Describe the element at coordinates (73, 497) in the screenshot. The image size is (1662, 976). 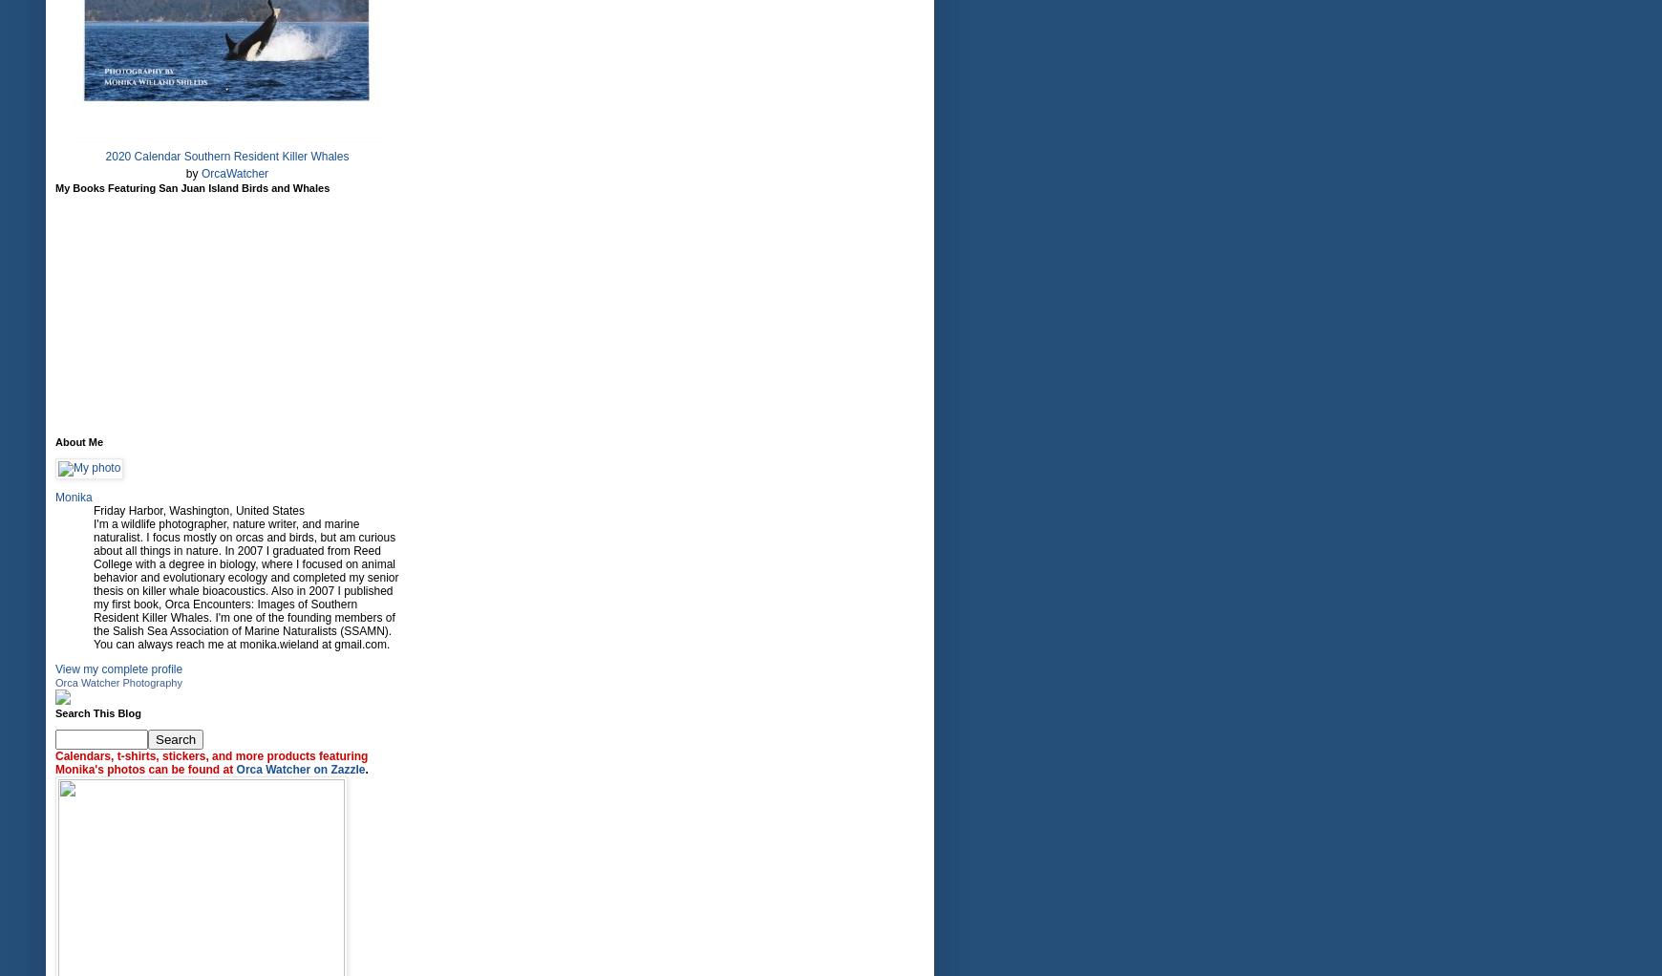
I see `'Monika'` at that location.